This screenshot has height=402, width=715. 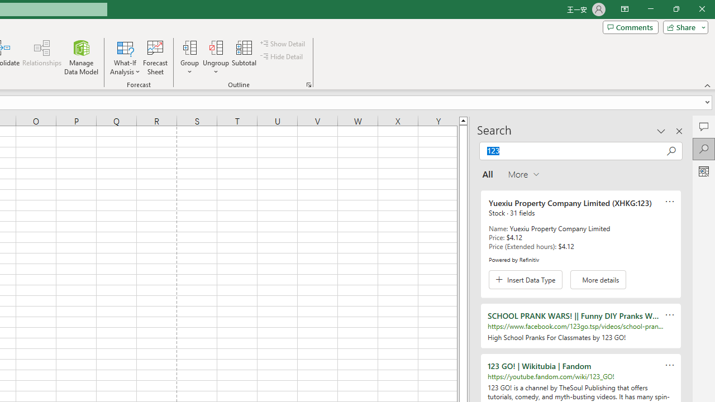 I want to click on 'Subtotal', so click(x=244, y=58).